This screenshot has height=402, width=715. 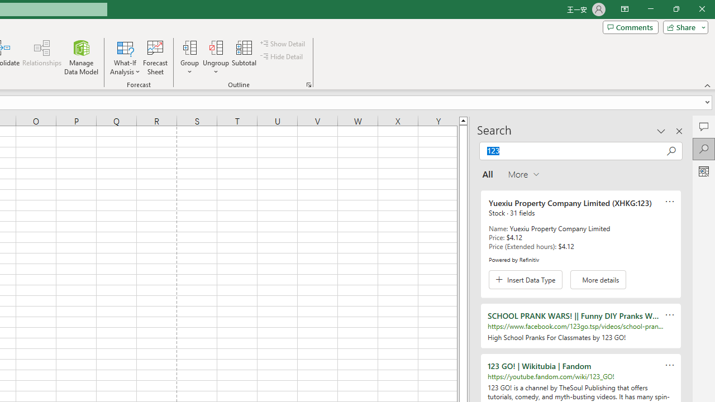 I want to click on 'Subtotal', so click(x=244, y=58).